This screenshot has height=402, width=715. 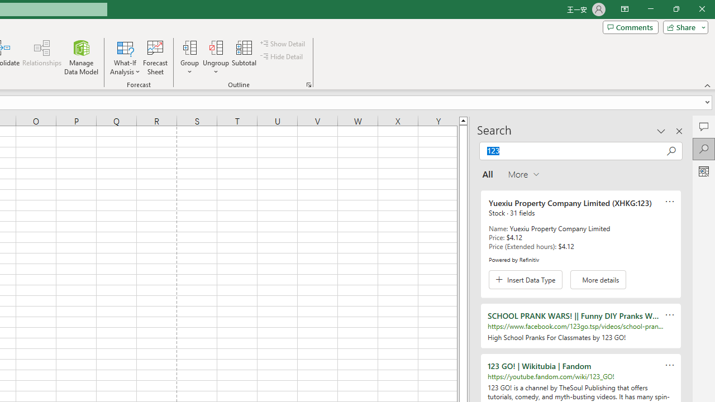 I want to click on 'Subtotal', so click(x=244, y=58).